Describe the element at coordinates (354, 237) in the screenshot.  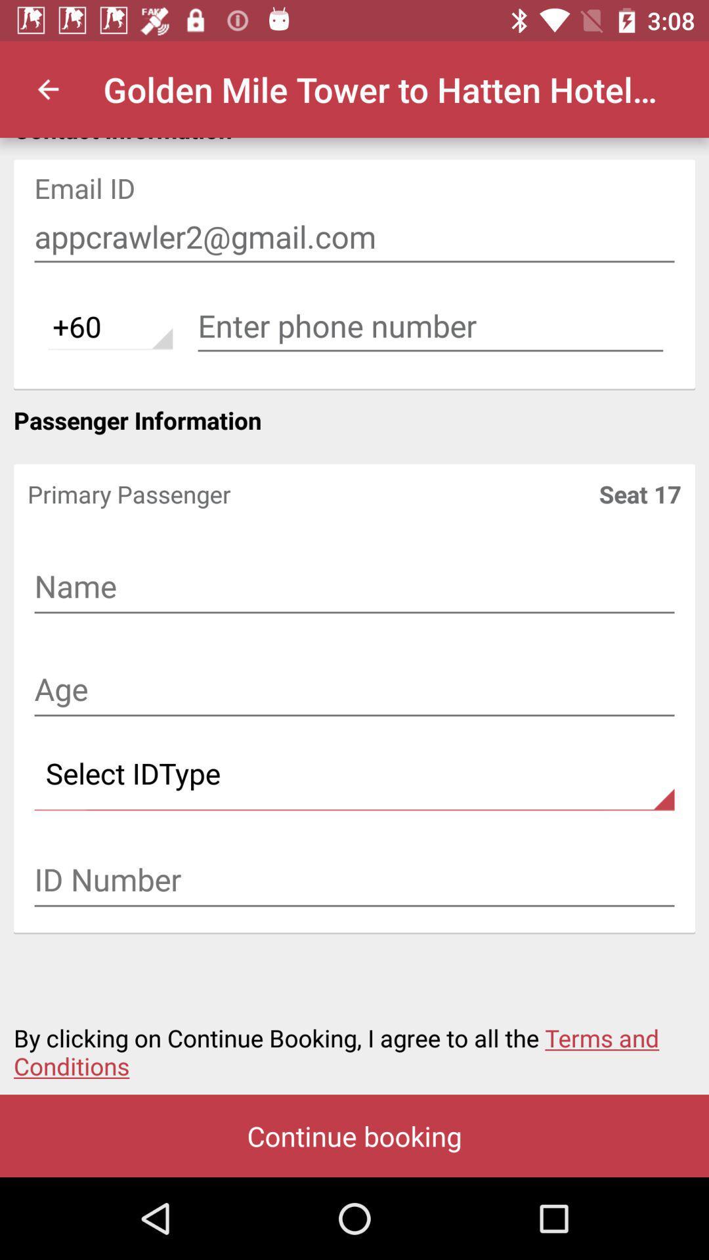
I see `item below the contact information icon` at that location.